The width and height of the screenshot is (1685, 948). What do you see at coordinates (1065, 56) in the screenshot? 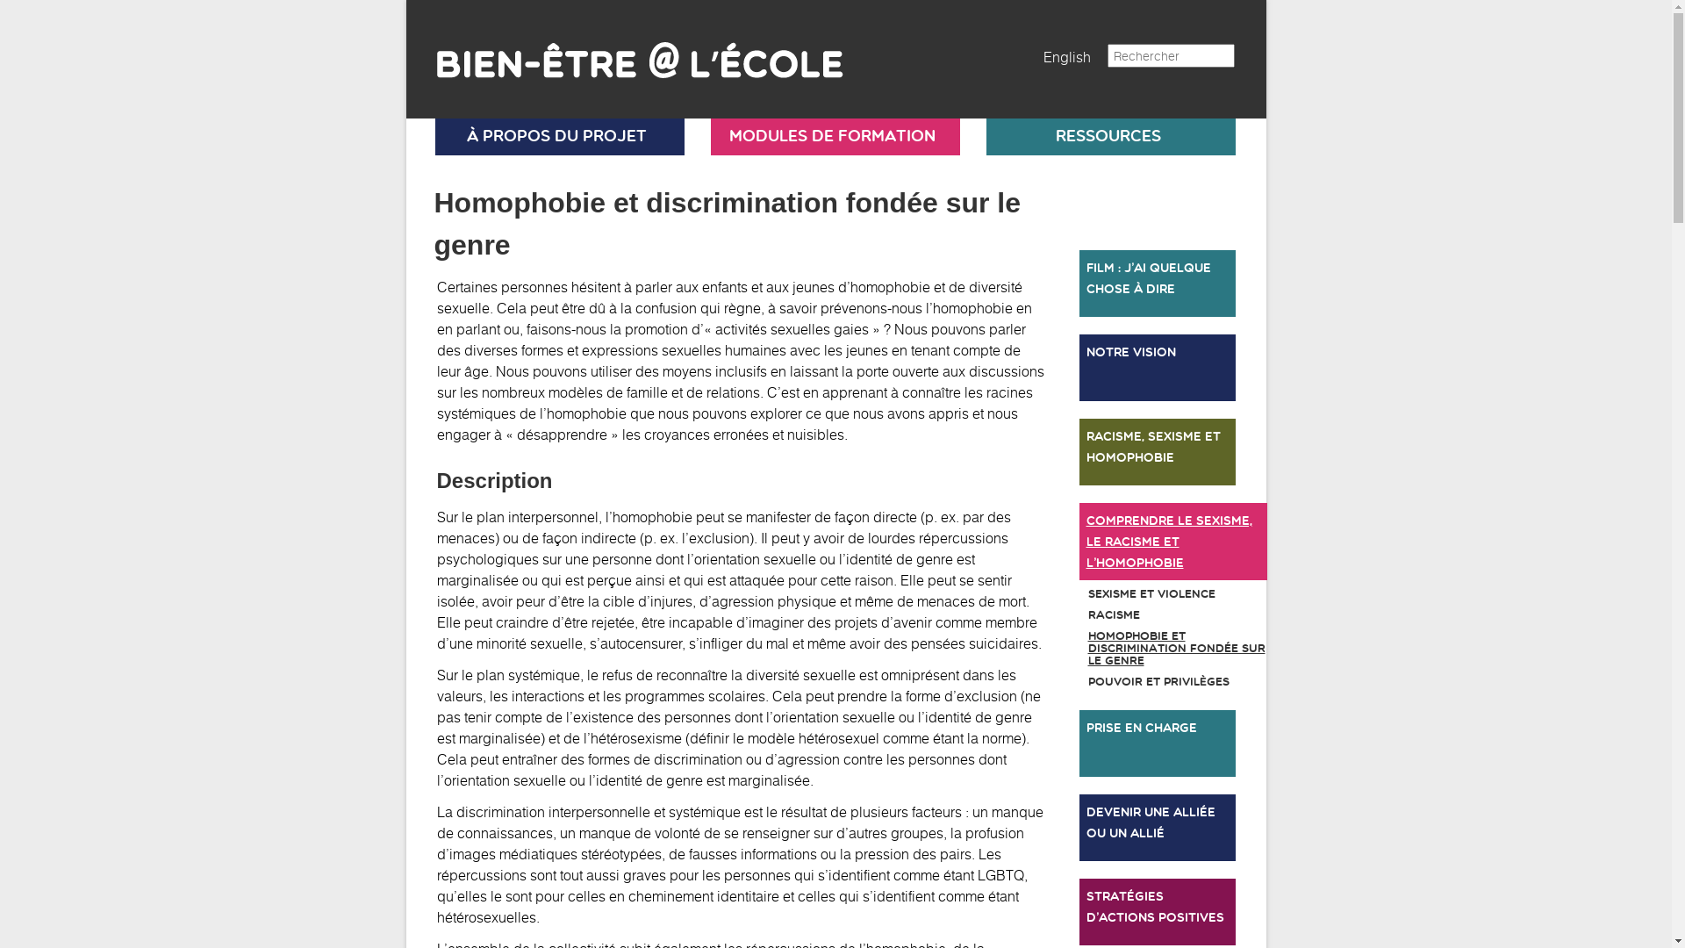
I see `'English'` at bounding box center [1065, 56].